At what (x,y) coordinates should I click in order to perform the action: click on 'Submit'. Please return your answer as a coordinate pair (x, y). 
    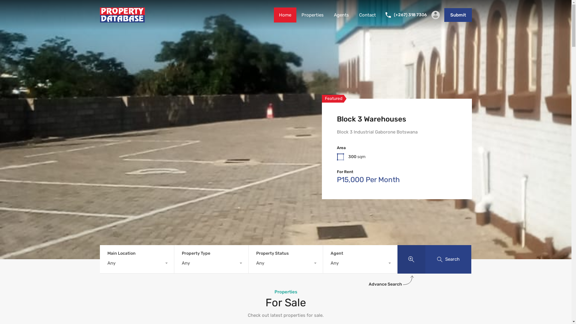
    Looking at the image, I should click on (444, 15).